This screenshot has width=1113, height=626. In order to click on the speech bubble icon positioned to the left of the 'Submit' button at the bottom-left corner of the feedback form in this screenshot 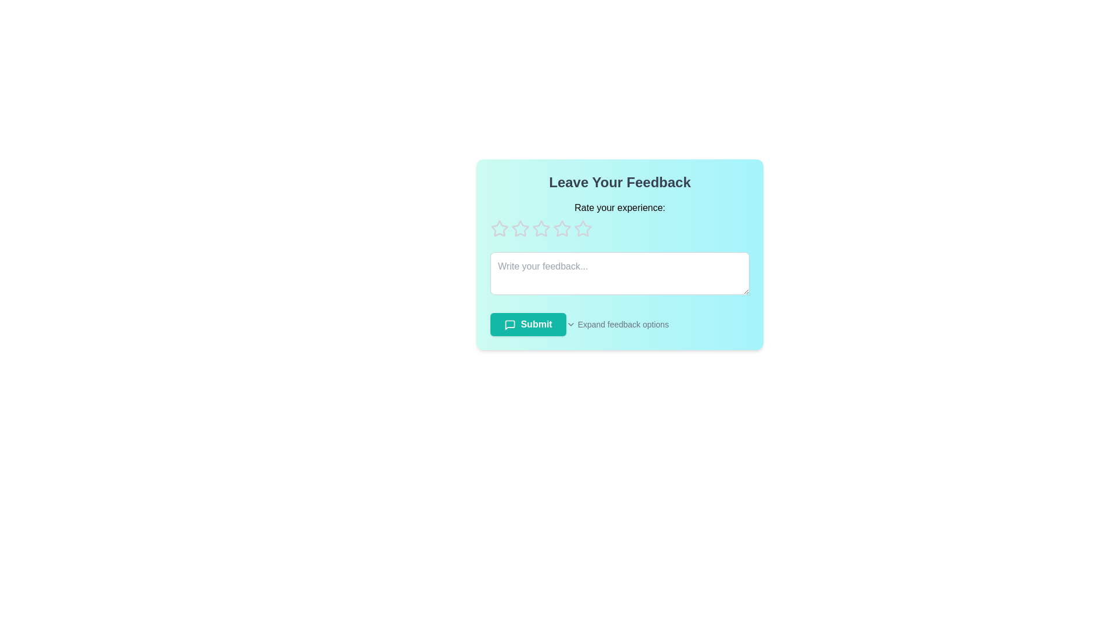, I will do `click(510, 324)`.